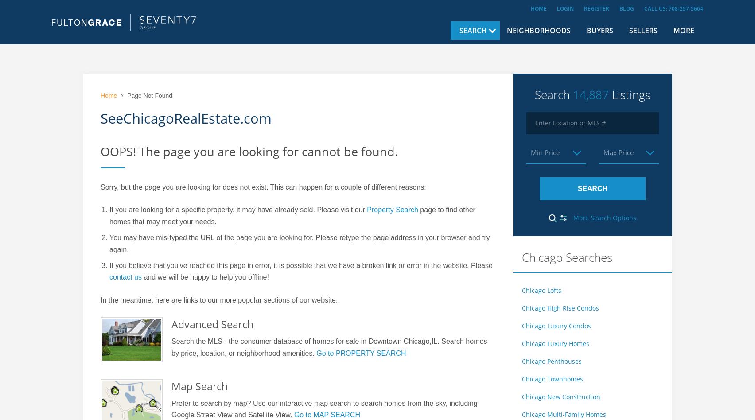  Describe the element at coordinates (292, 215) in the screenshot. I see `'page to find other homes that may meet your needs.'` at that location.